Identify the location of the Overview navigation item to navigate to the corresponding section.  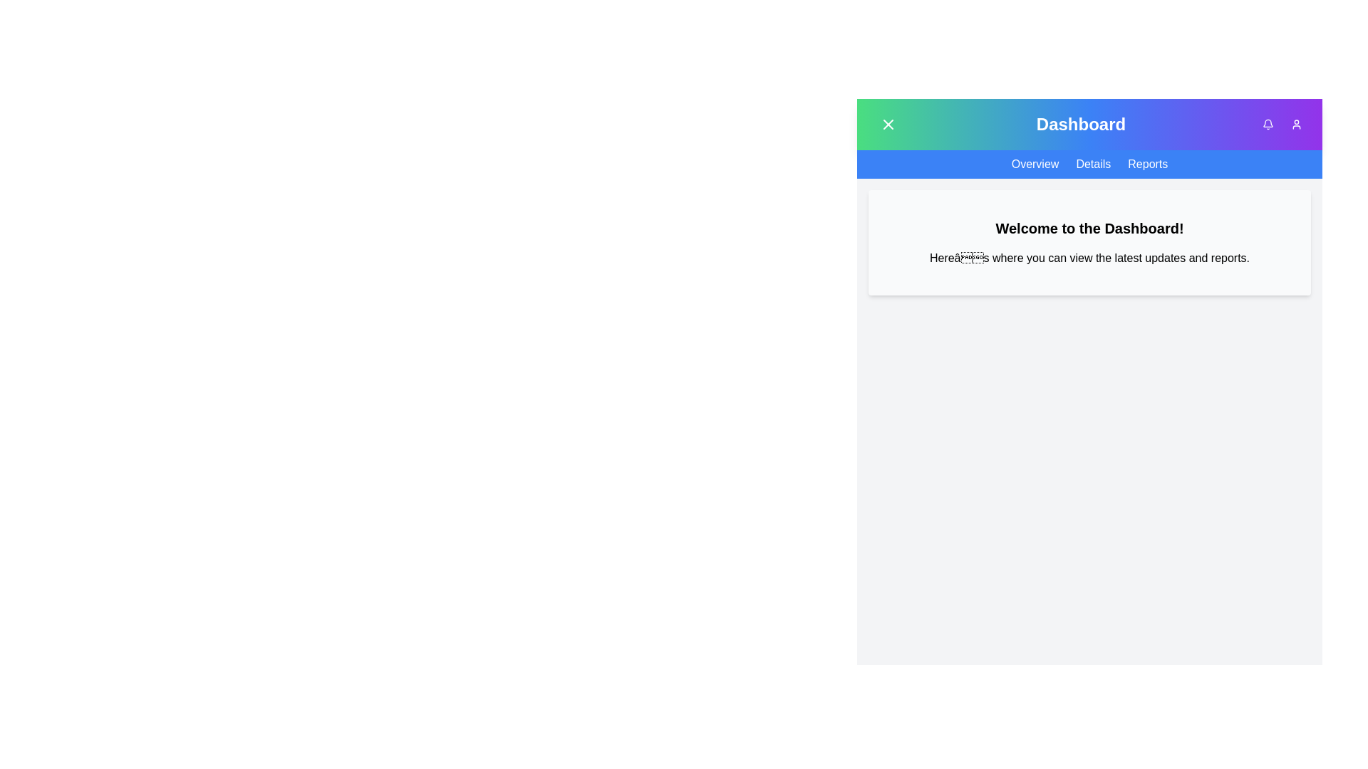
(1035, 164).